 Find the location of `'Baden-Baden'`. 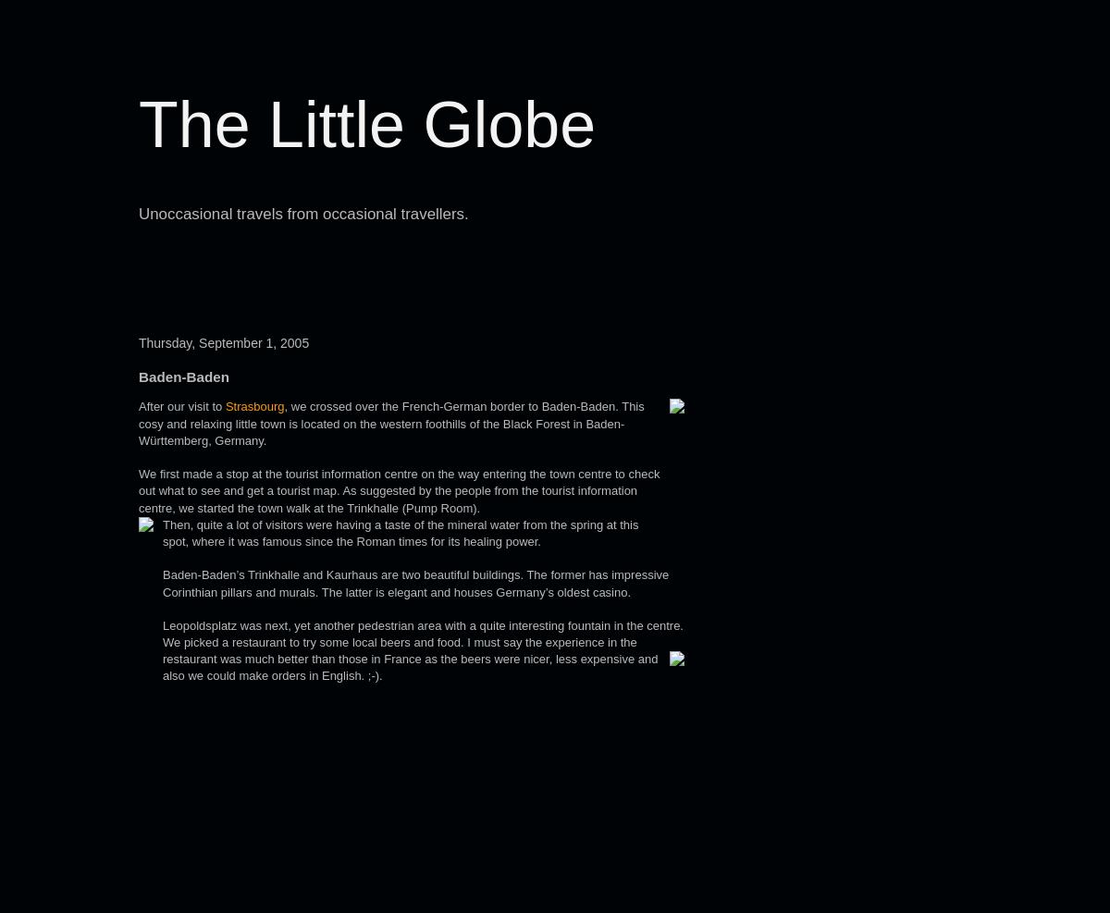

'Baden-Baden' is located at coordinates (182, 376).